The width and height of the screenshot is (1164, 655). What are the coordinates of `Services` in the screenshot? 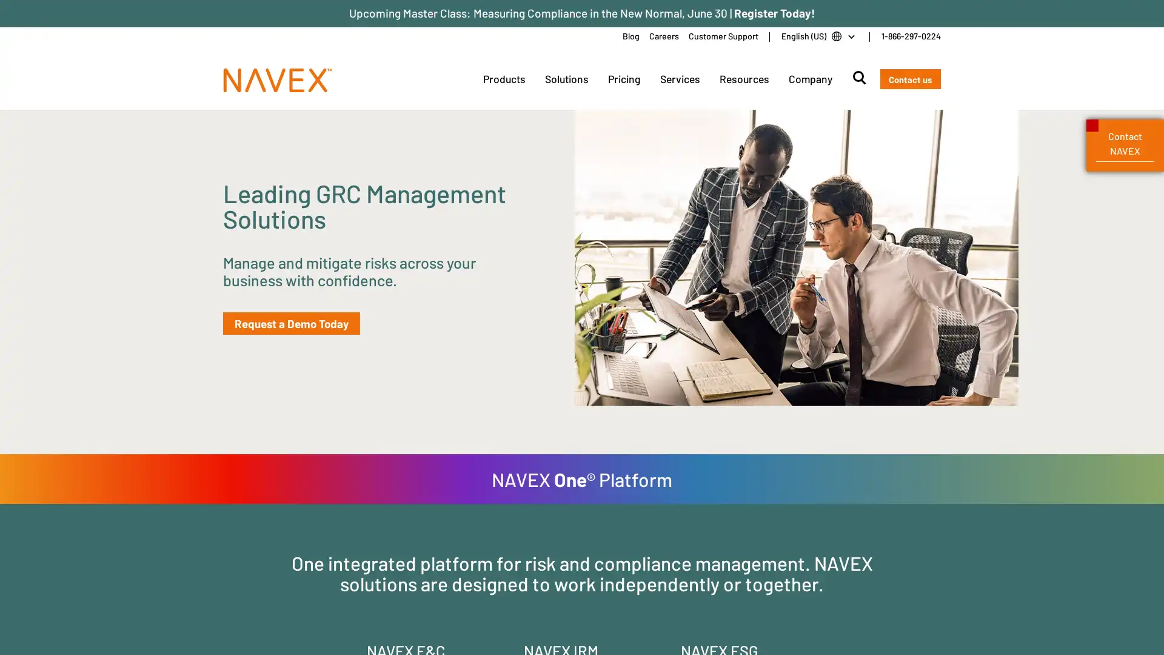 It's located at (680, 79).